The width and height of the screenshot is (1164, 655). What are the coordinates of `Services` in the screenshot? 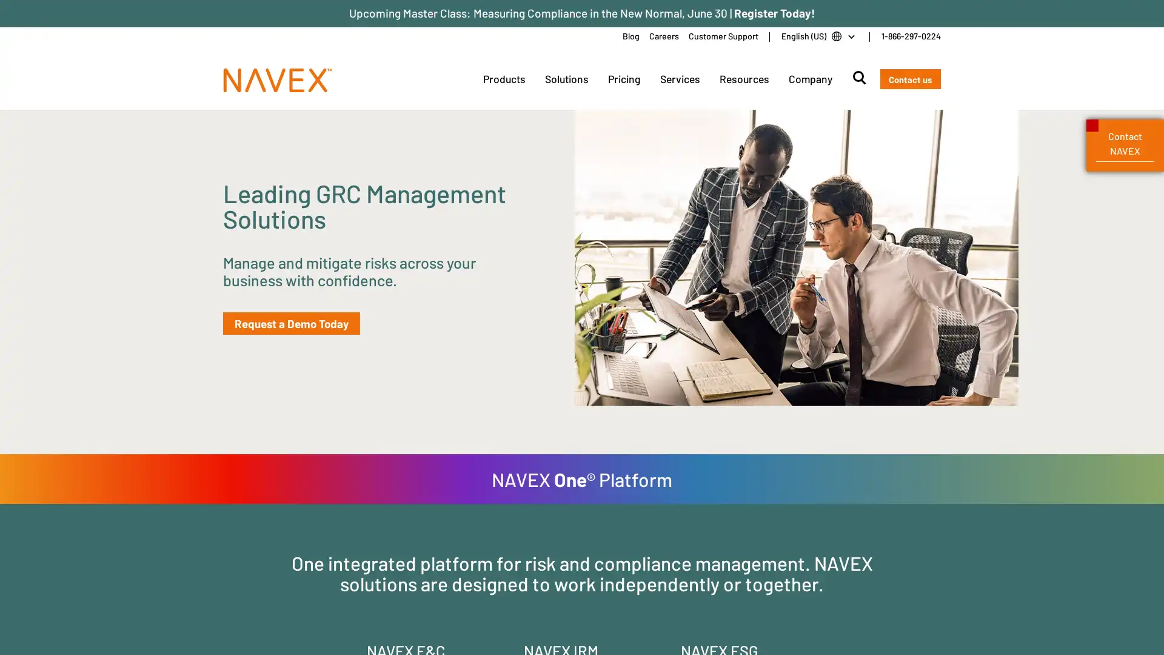 It's located at (680, 79).